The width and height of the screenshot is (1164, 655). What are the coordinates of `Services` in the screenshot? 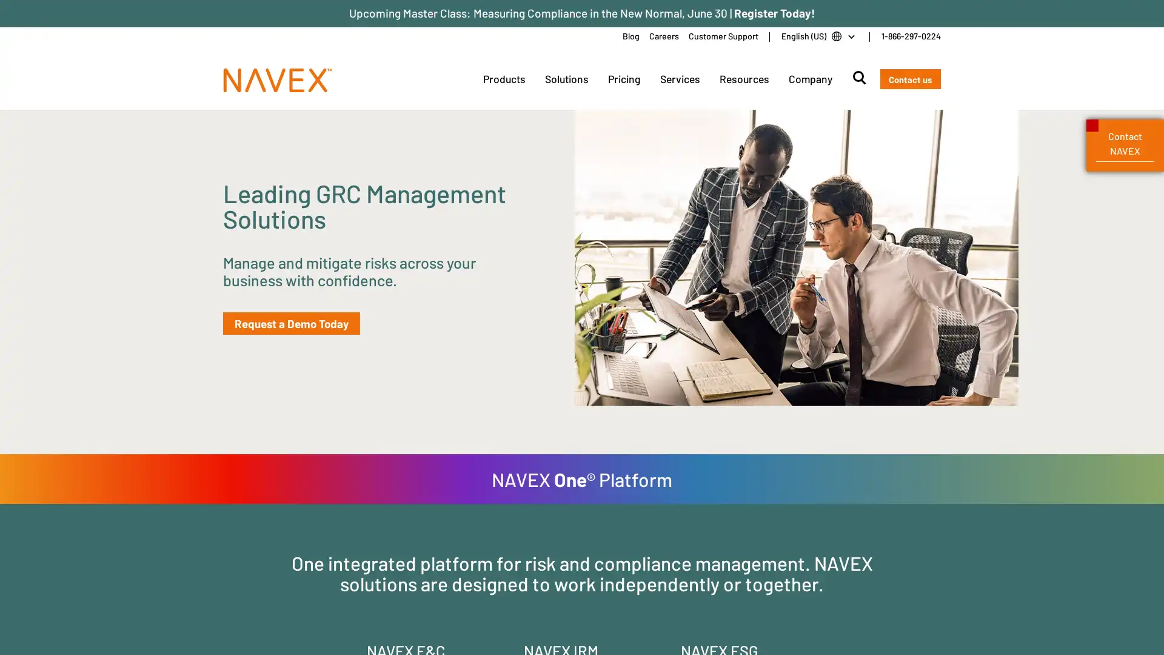 It's located at (680, 79).